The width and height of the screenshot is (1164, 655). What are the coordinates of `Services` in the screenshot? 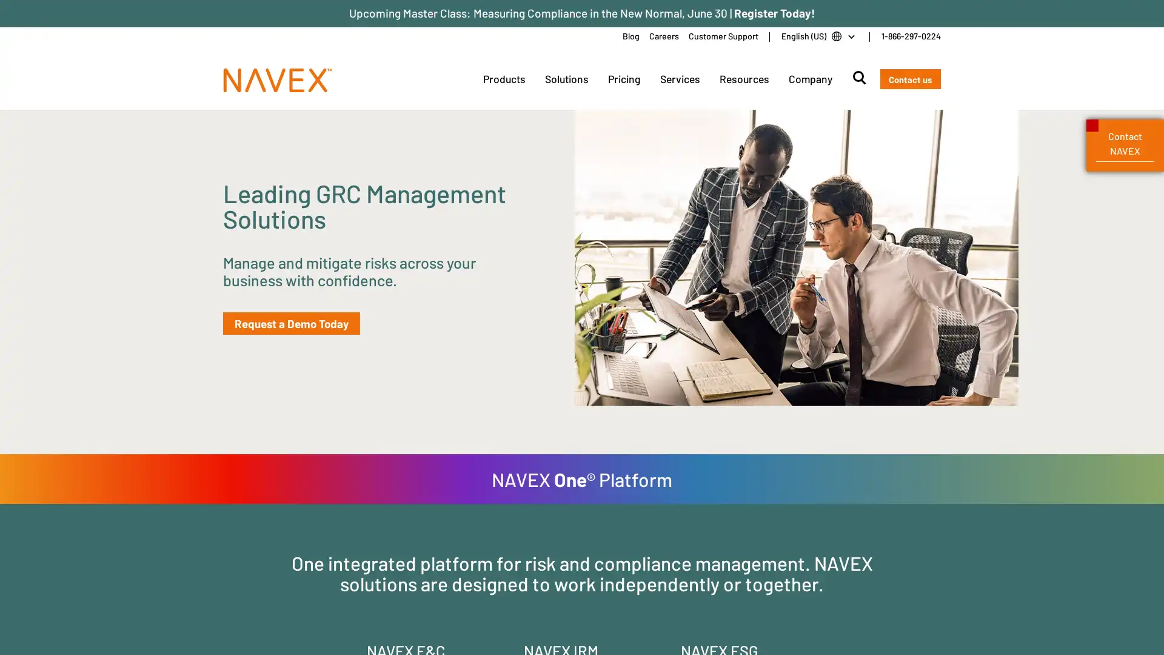 It's located at (680, 79).